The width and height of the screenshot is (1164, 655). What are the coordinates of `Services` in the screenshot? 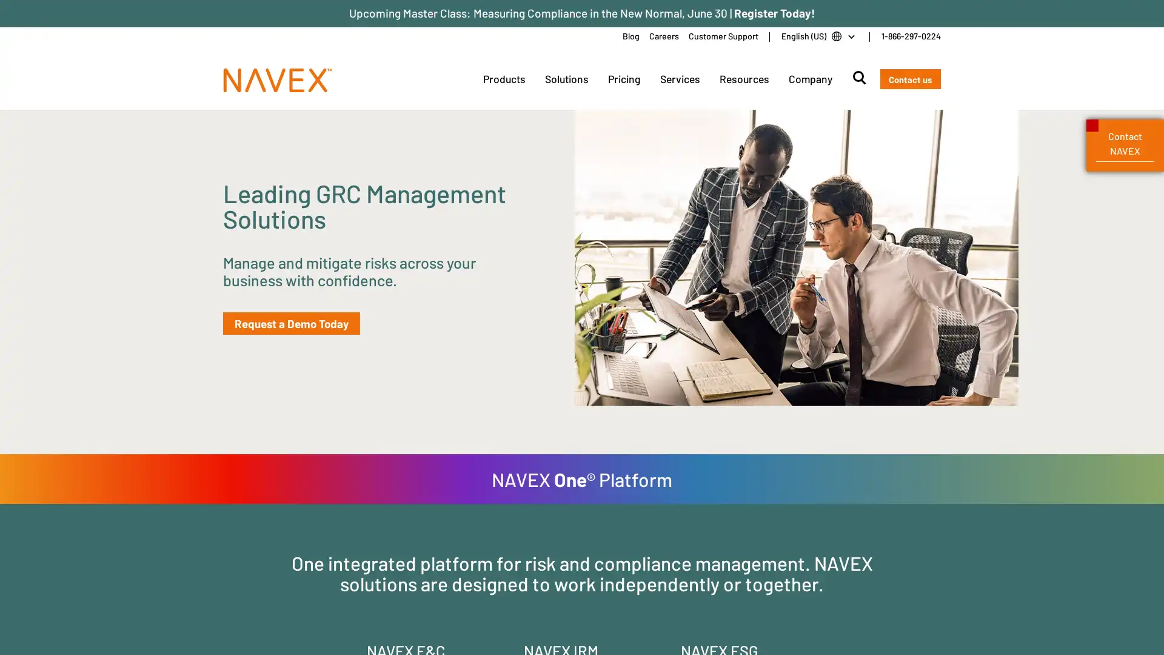 It's located at (680, 79).